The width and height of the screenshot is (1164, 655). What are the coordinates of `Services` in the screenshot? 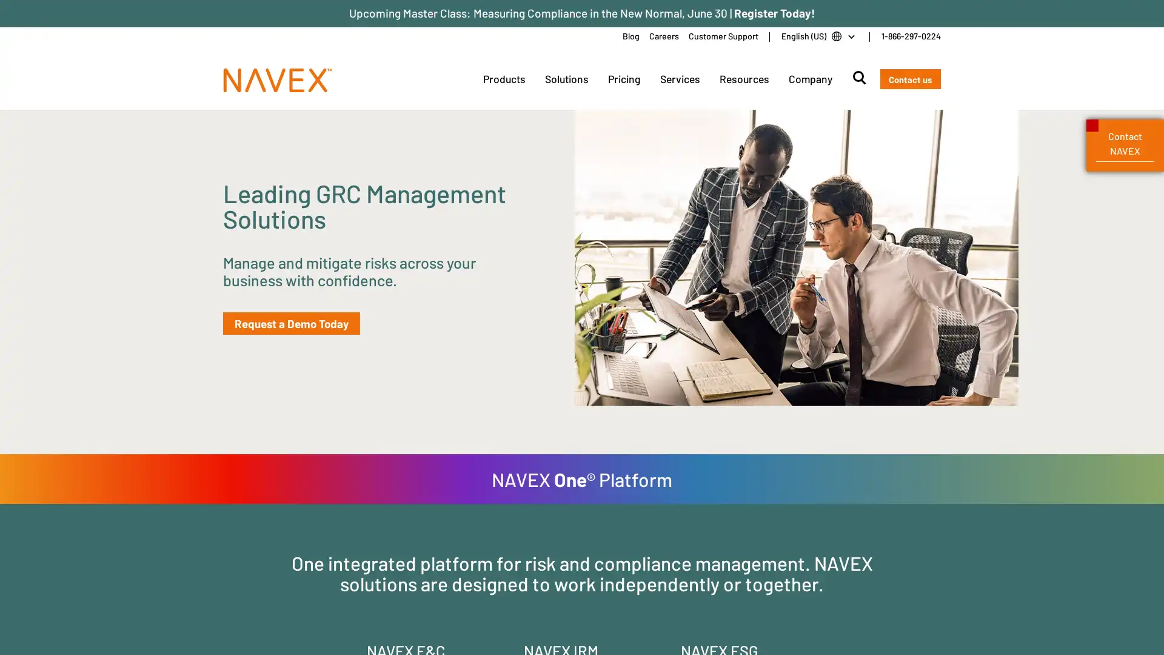 It's located at (680, 79).